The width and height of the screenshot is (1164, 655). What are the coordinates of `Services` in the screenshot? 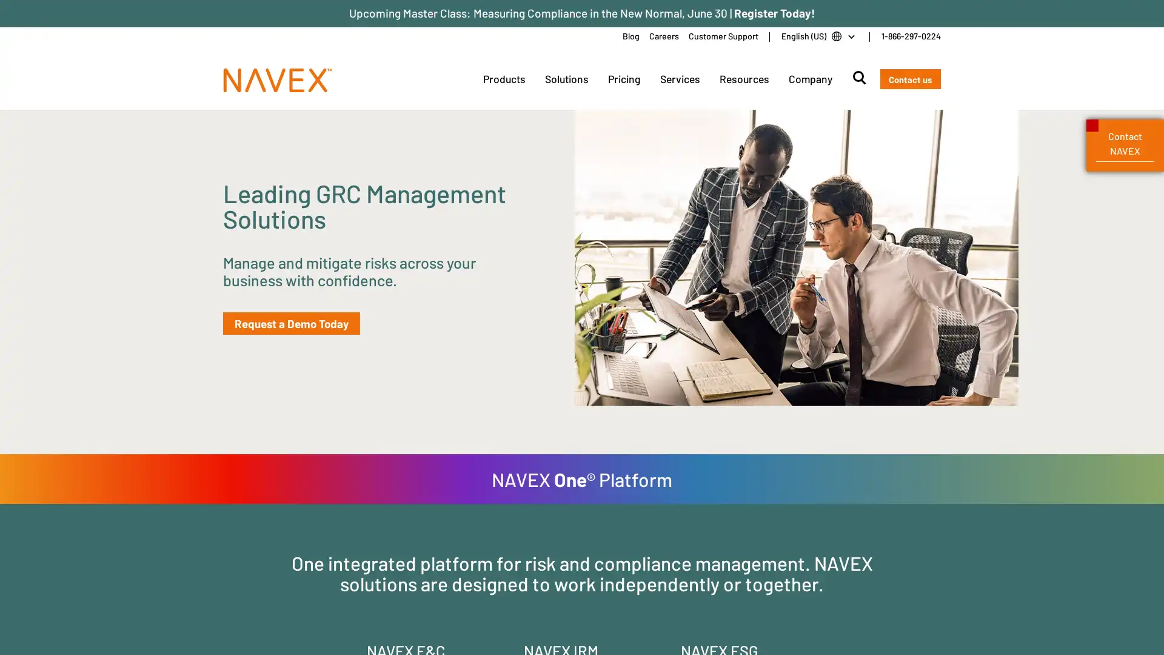 It's located at (680, 79).